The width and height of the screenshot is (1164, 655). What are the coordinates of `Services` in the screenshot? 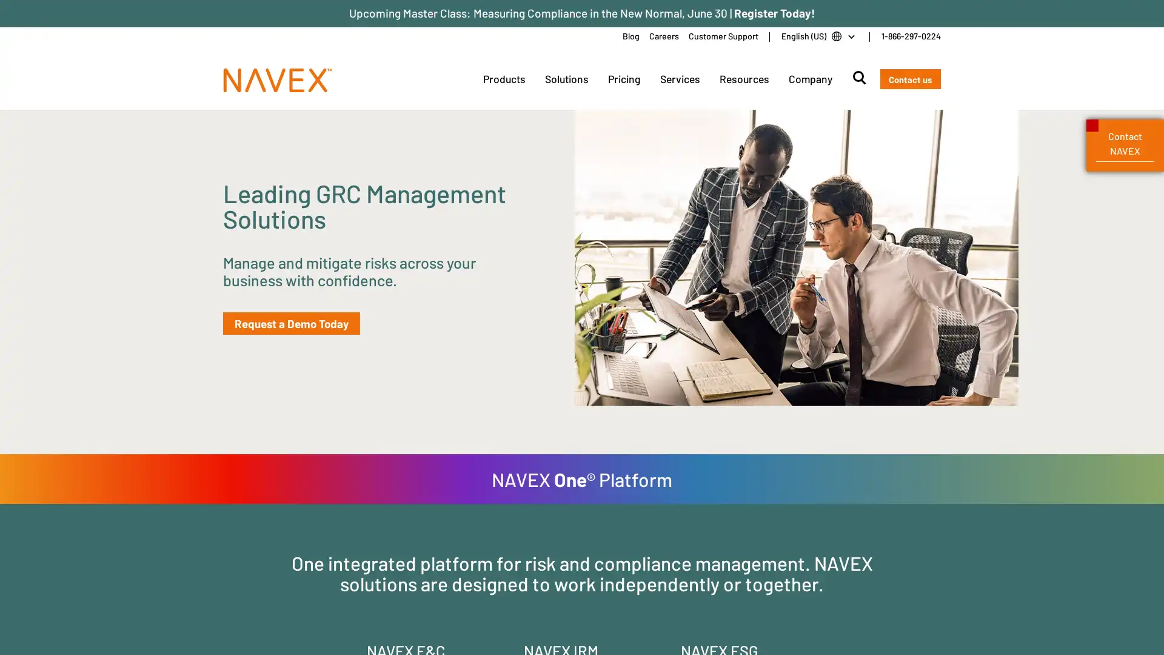 It's located at (680, 79).